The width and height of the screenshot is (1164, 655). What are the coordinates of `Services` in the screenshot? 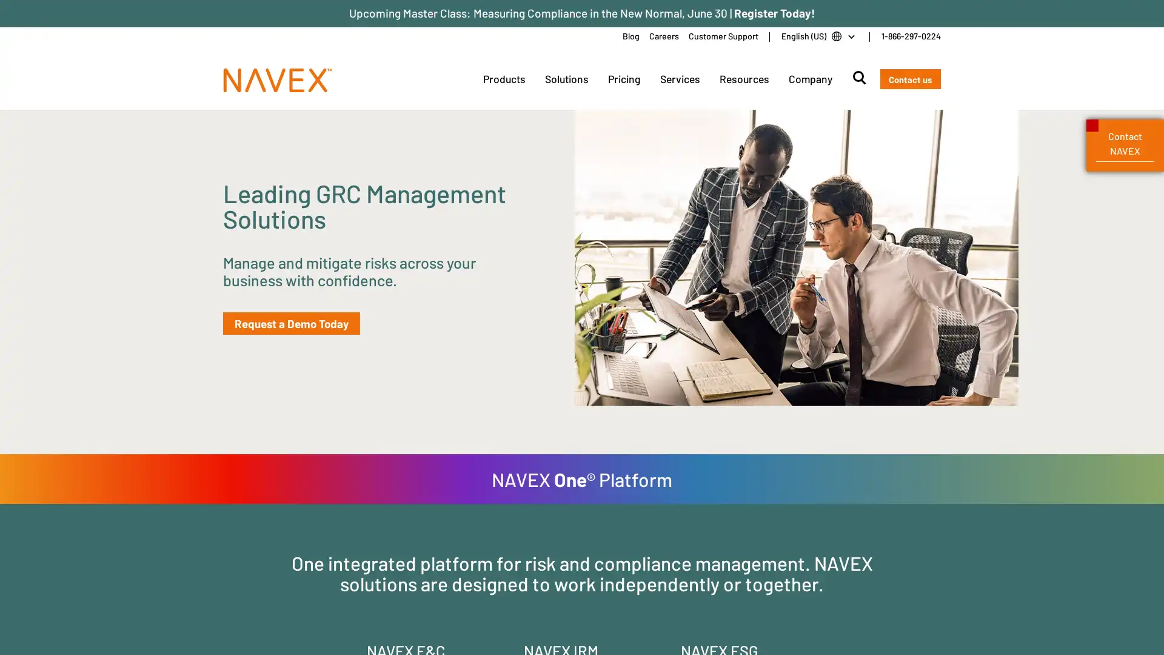 It's located at (680, 79).